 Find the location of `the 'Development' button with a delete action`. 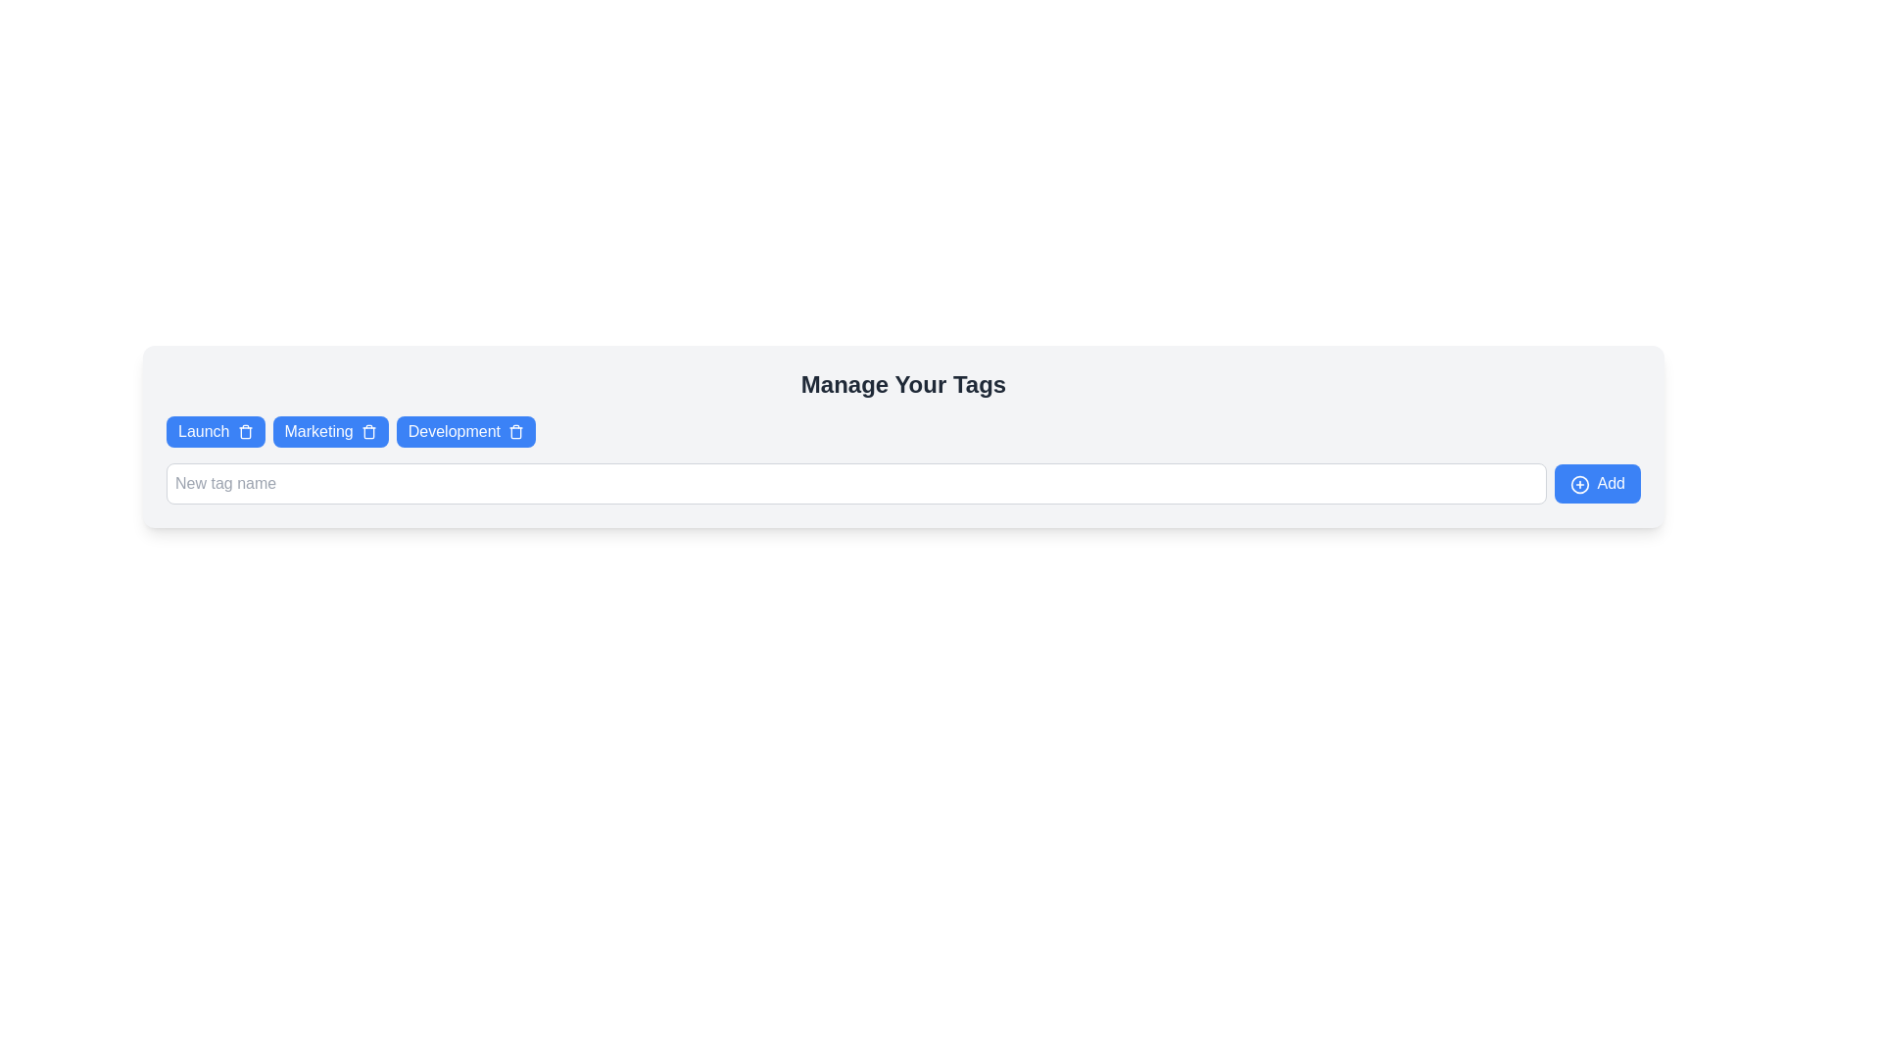

the 'Development' button with a delete action is located at coordinates (464, 430).